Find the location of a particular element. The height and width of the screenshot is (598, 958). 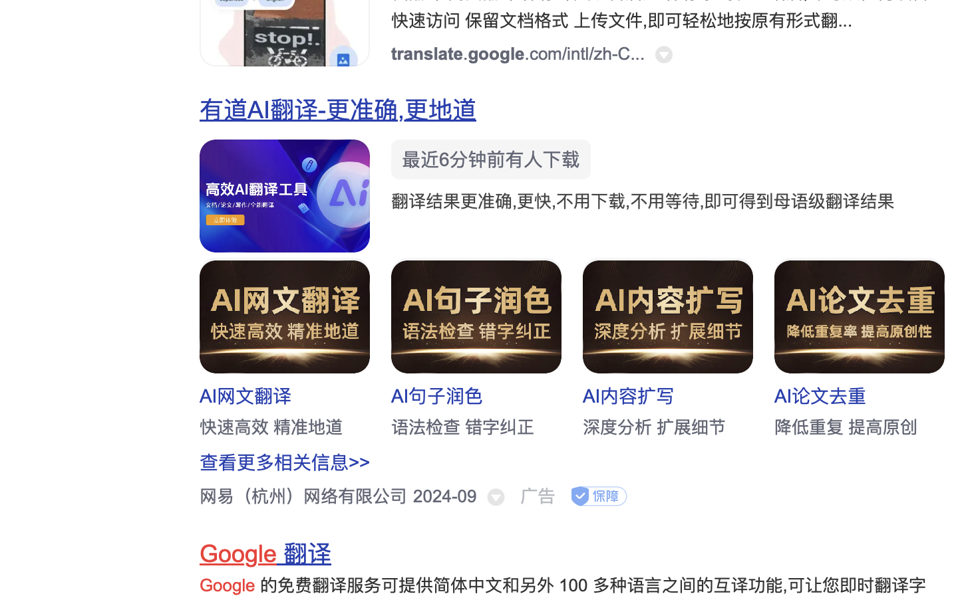

'广告' is located at coordinates (538, 496).